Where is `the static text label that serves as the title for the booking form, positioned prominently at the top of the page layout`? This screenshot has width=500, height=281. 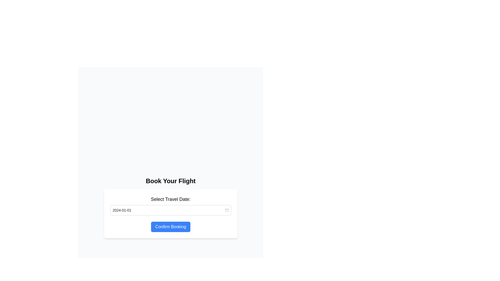 the static text label that serves as the title for the booking form, positioned prominently at the top of the page layout is located at coordinates (171, 181).